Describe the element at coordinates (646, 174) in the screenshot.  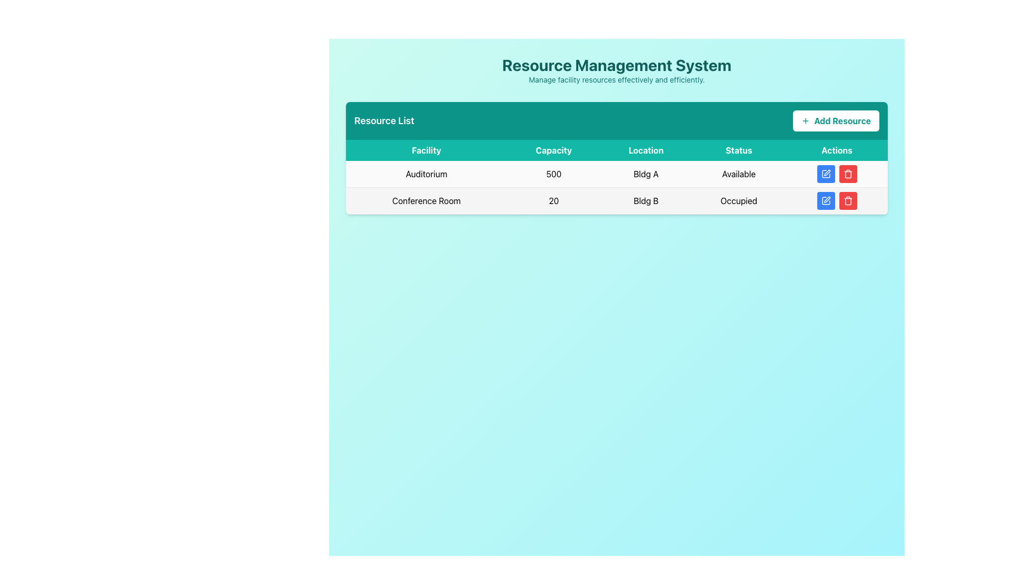
I see `the text label that indicates the location of the 'Auditorium' resource, which is the third cell in the first row of the table, positioned between the 'Capacity' and 'Status' columns` at that location.